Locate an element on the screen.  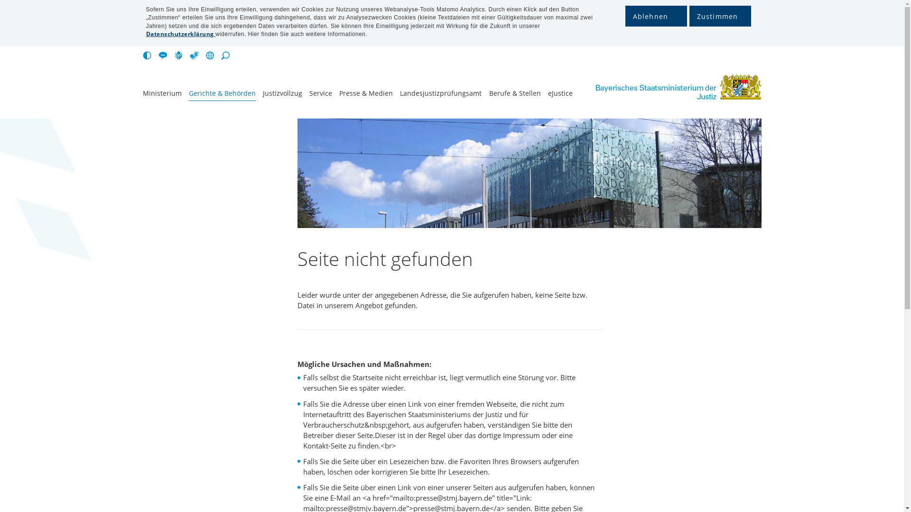
'Seite vorlesen lassen [Alt-L]' is located at coordinates (165, 55).